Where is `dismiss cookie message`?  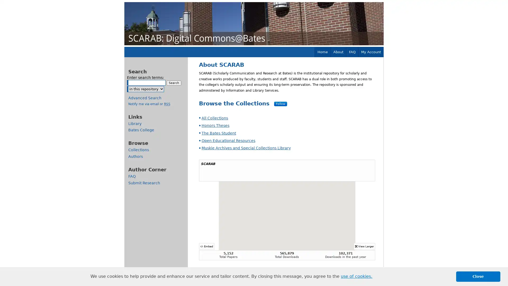
dismiss cookie message is located at coordinates (478, 276).